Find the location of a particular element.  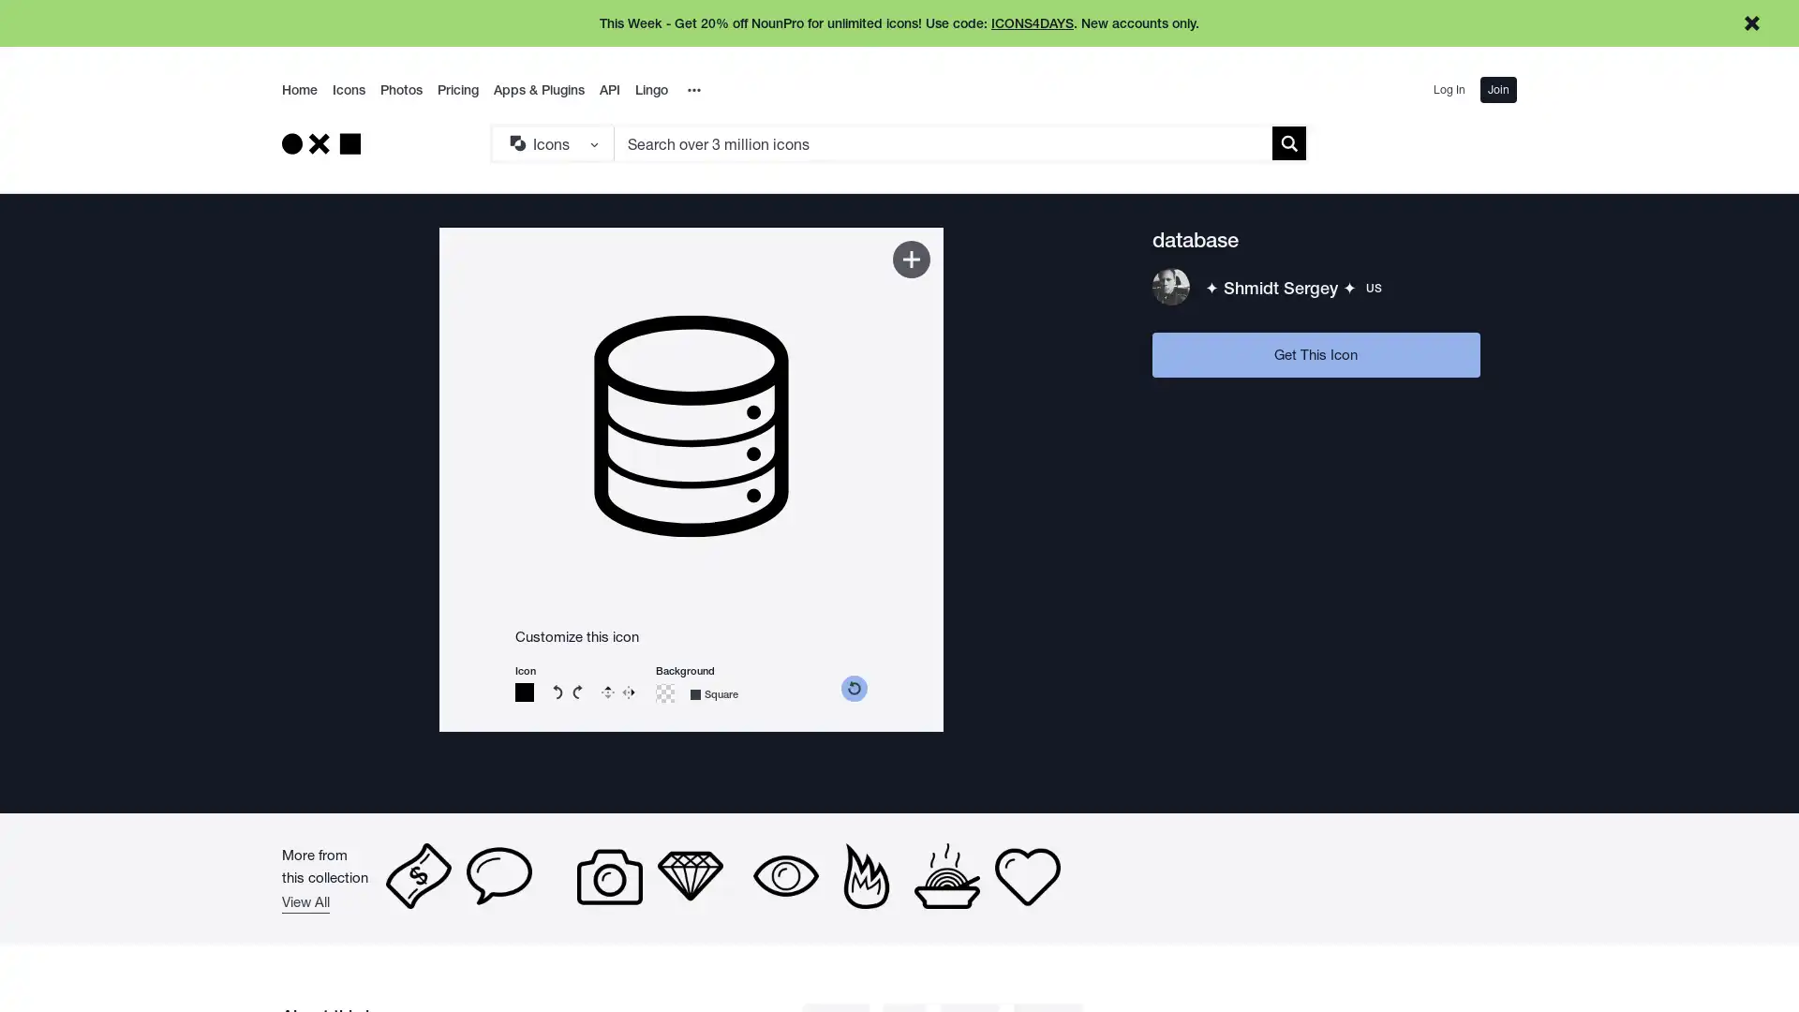

reset color picker is located at coordinates (853, 689).